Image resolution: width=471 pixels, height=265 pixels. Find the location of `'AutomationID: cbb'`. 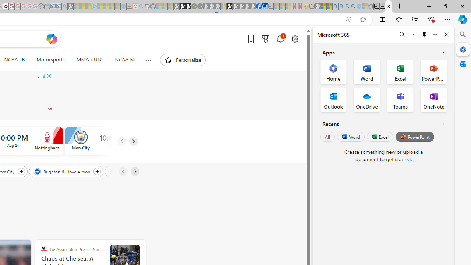

'AutomationID: cbb' is located at coordinates (49, 76).